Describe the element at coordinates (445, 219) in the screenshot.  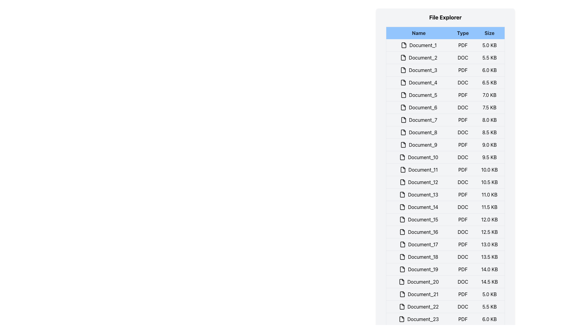
I see `the file entry row representing 'Document_15' in the file explorer` at that location.